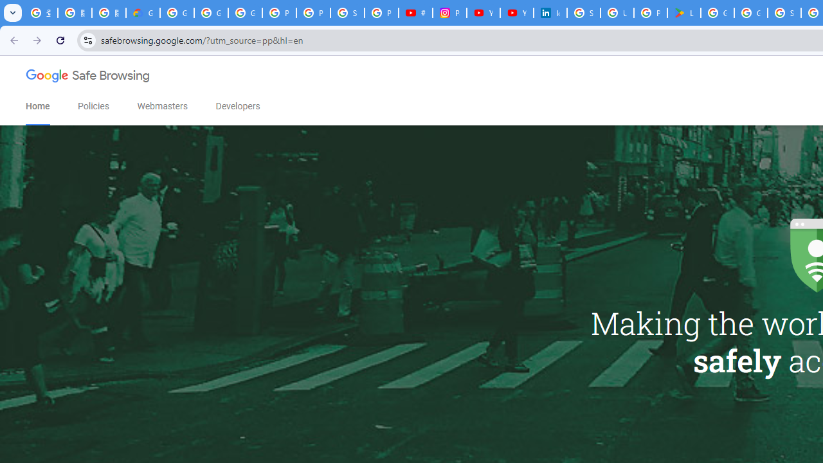 Image resolution: width=823 pixels, height=463 pixels. I want to click on 'Google Safe Browsing', so click(87, 78).